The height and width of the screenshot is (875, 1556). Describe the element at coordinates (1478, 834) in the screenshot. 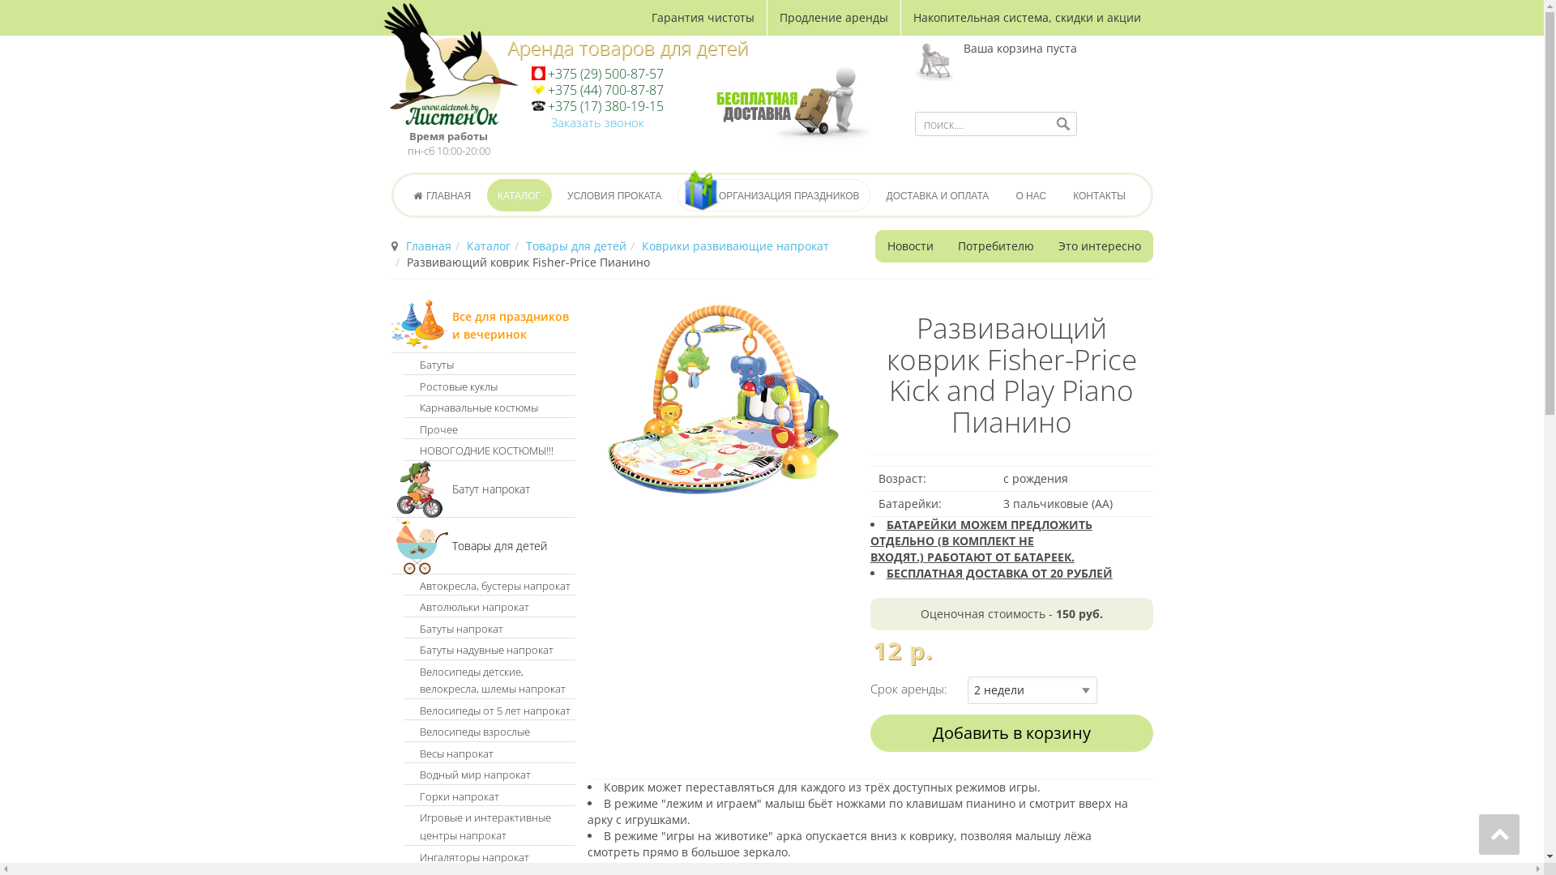

I see `'Go to top'` at that location.